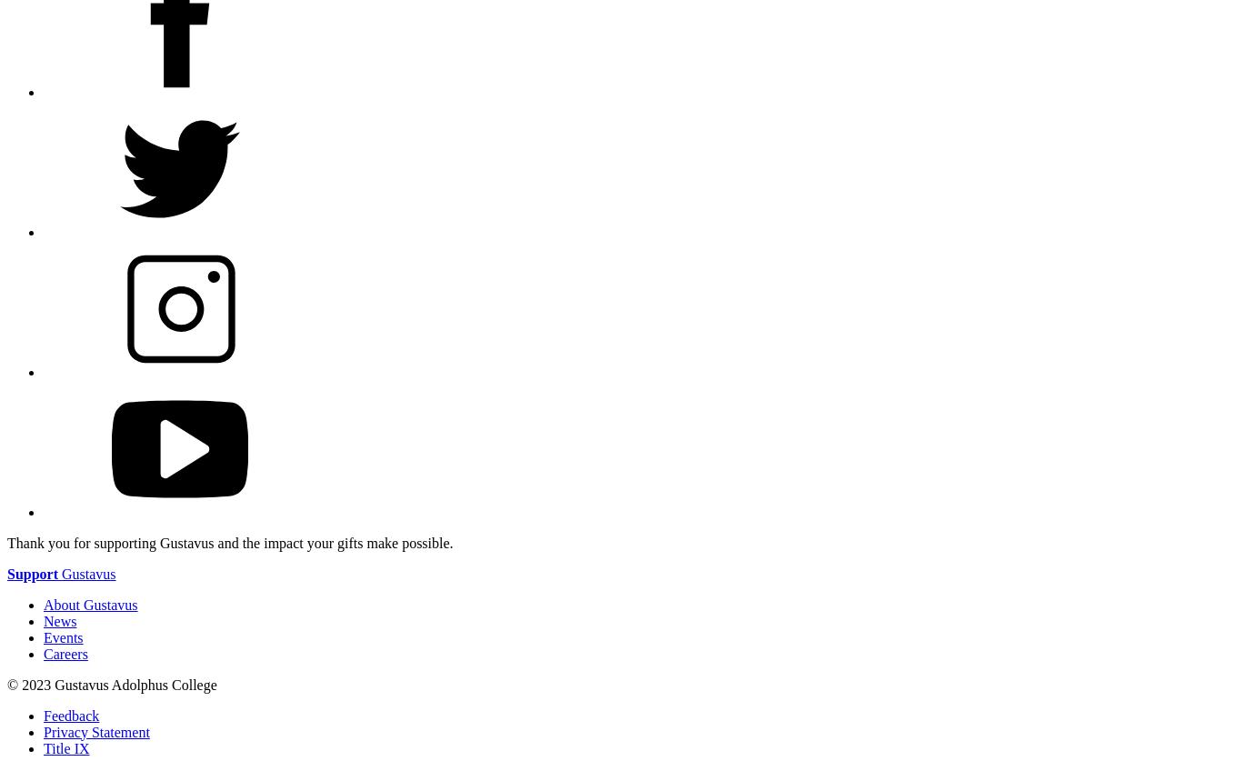 The image size is (1242, 771). I want to click on 'Feedback', so click(71, 714).